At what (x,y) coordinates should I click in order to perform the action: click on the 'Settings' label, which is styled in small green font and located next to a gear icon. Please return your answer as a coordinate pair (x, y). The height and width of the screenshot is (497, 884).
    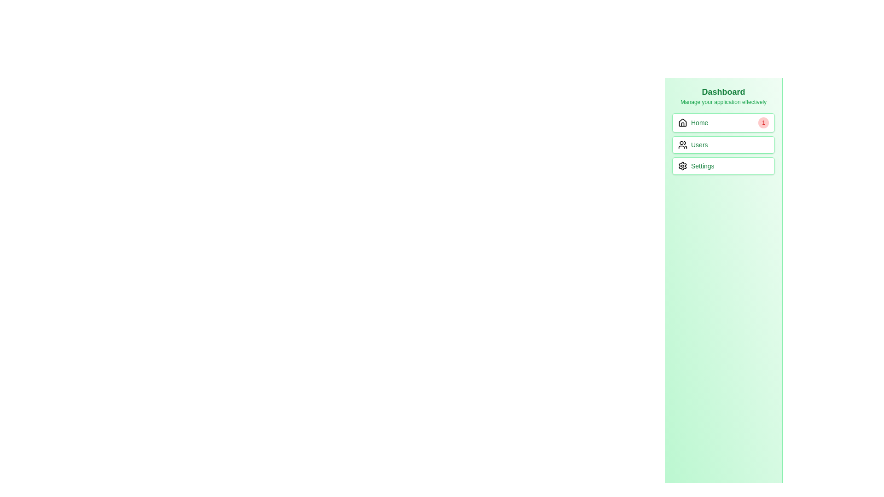
    Looking at the image, I should click on (696, 166).